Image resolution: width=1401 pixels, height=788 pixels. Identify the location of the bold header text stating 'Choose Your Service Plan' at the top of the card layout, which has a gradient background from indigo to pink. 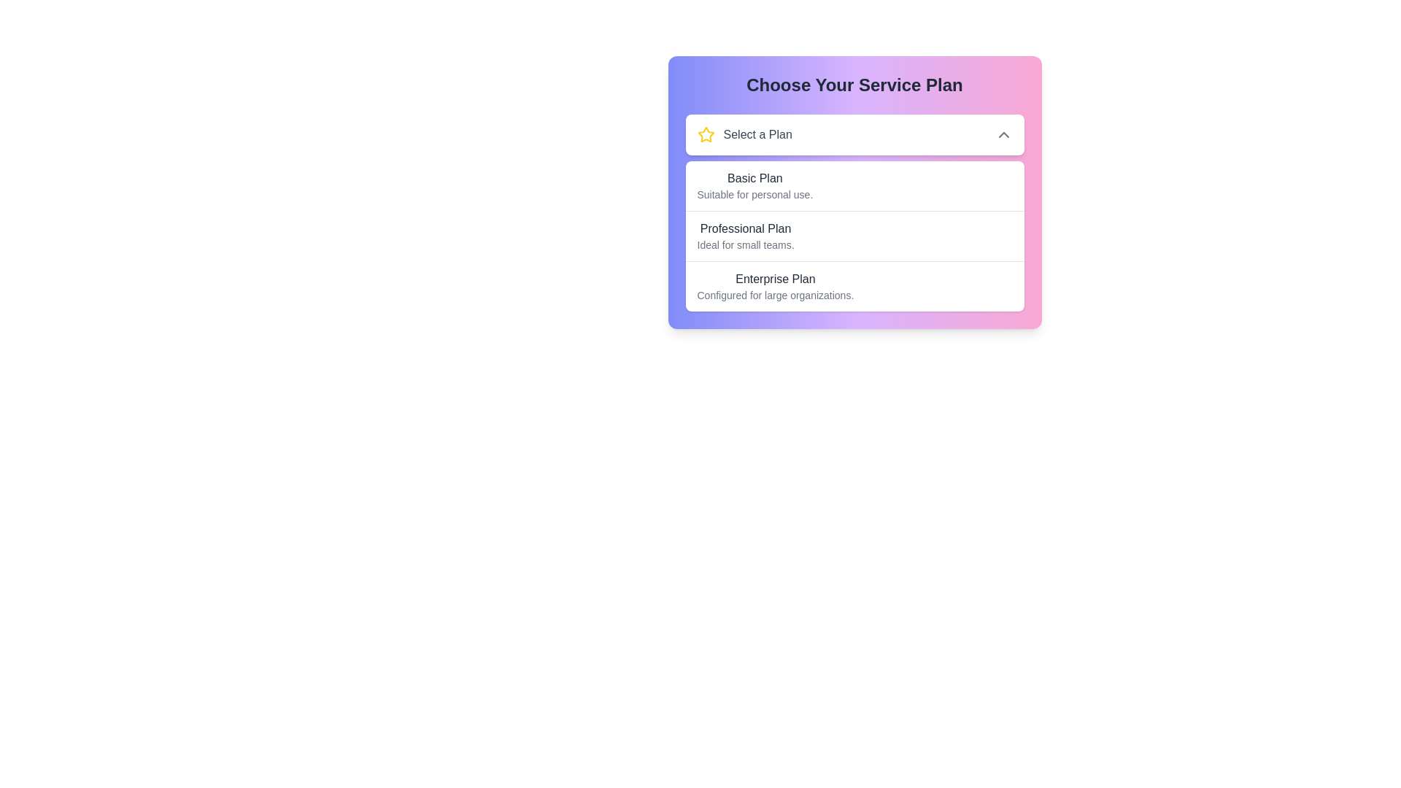
(854, 85).